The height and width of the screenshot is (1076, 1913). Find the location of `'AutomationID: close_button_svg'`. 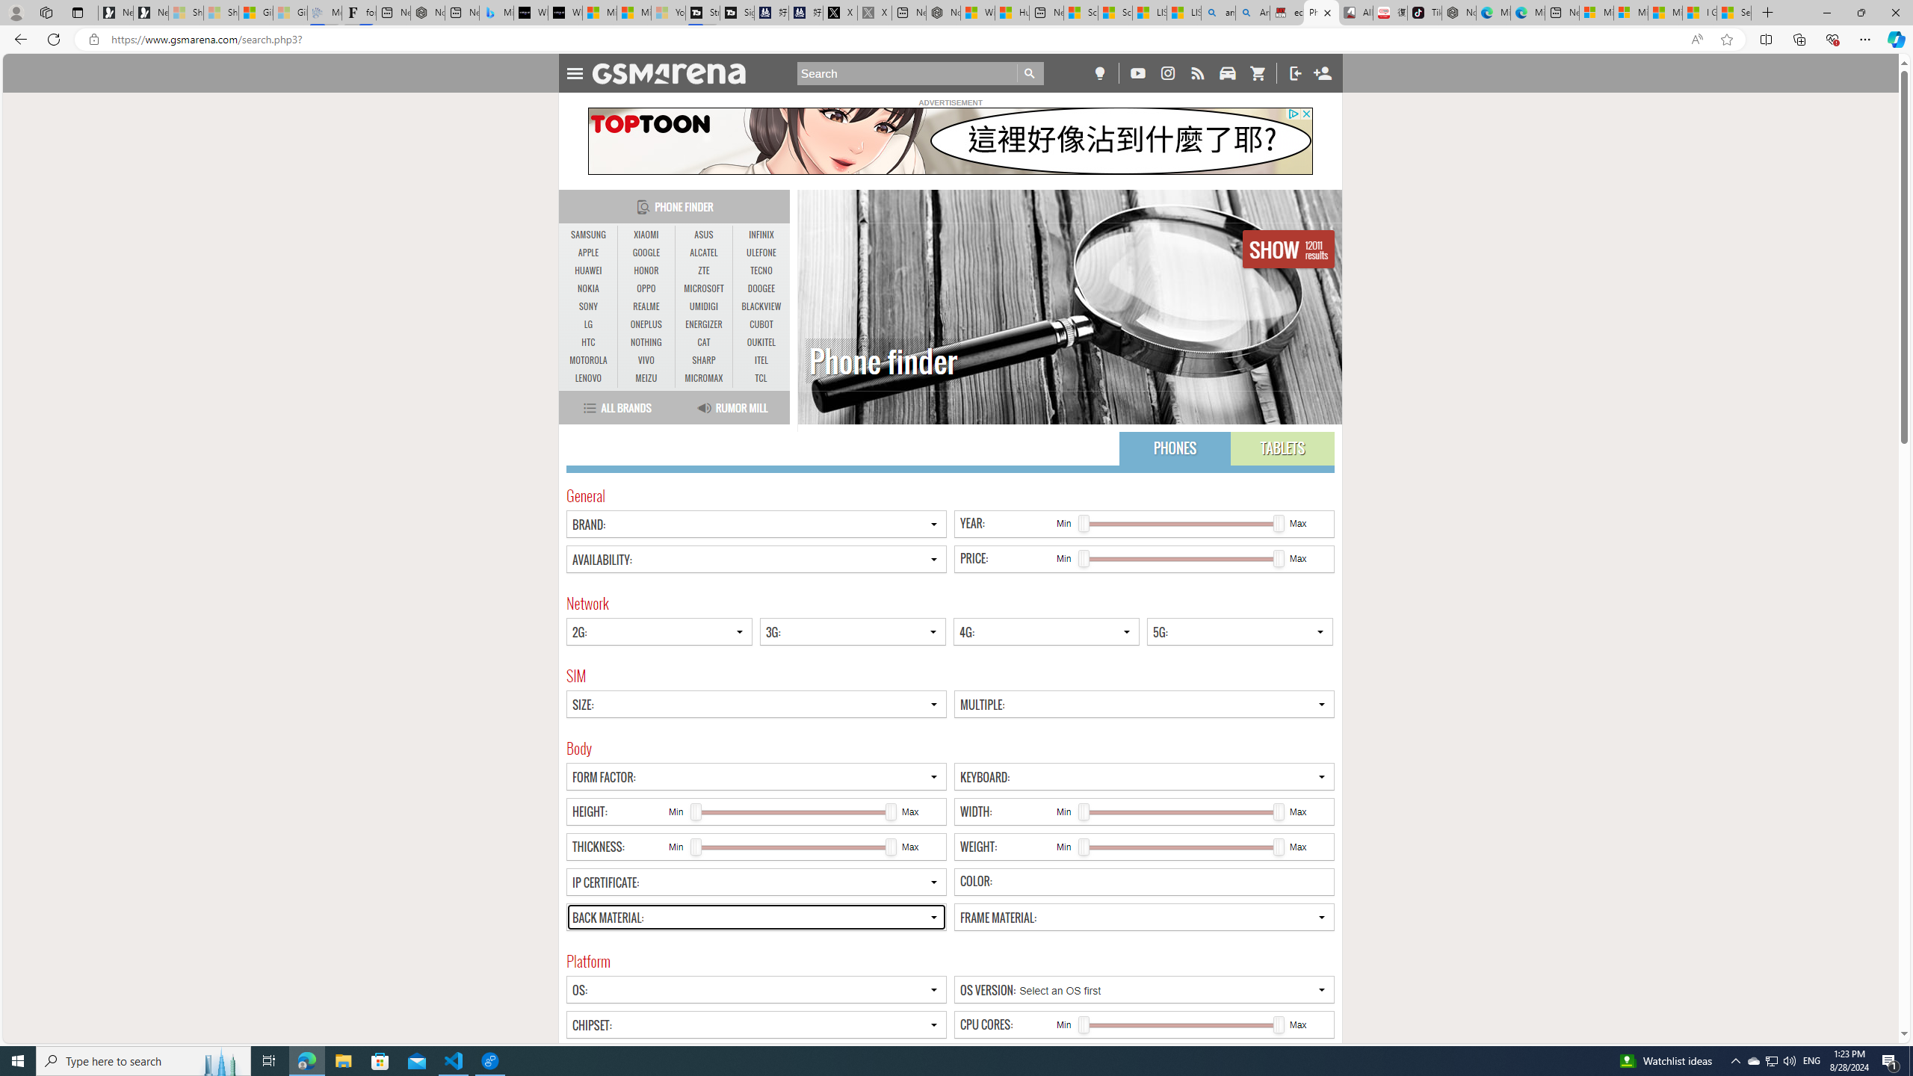

'AutomationID: close_button_svg' is located at coordinates (1306, 114).